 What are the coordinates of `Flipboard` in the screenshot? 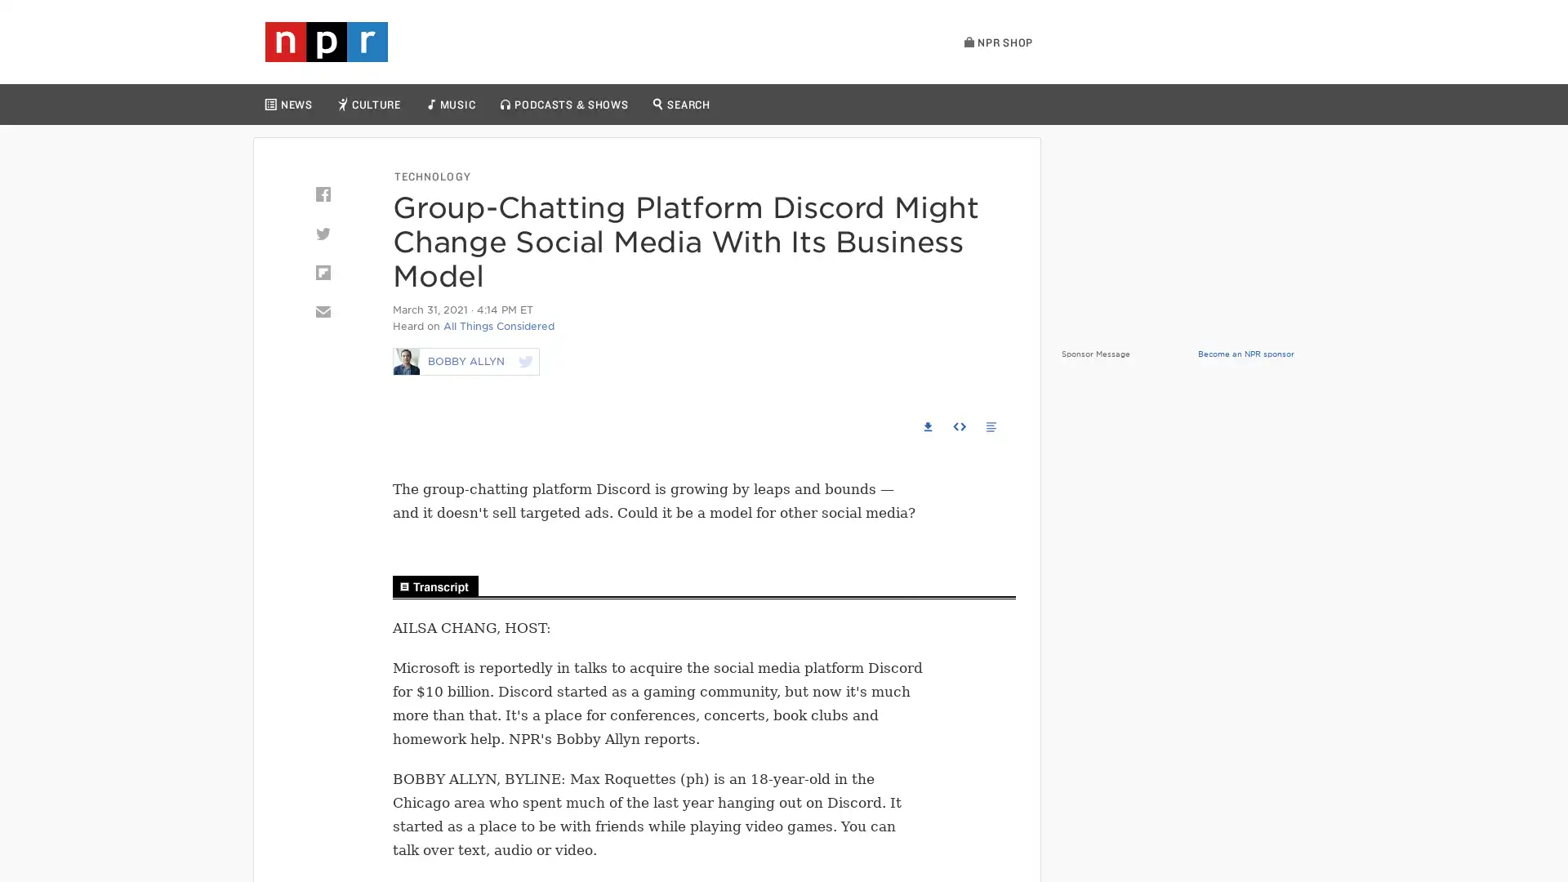 It's located at (322, 272).